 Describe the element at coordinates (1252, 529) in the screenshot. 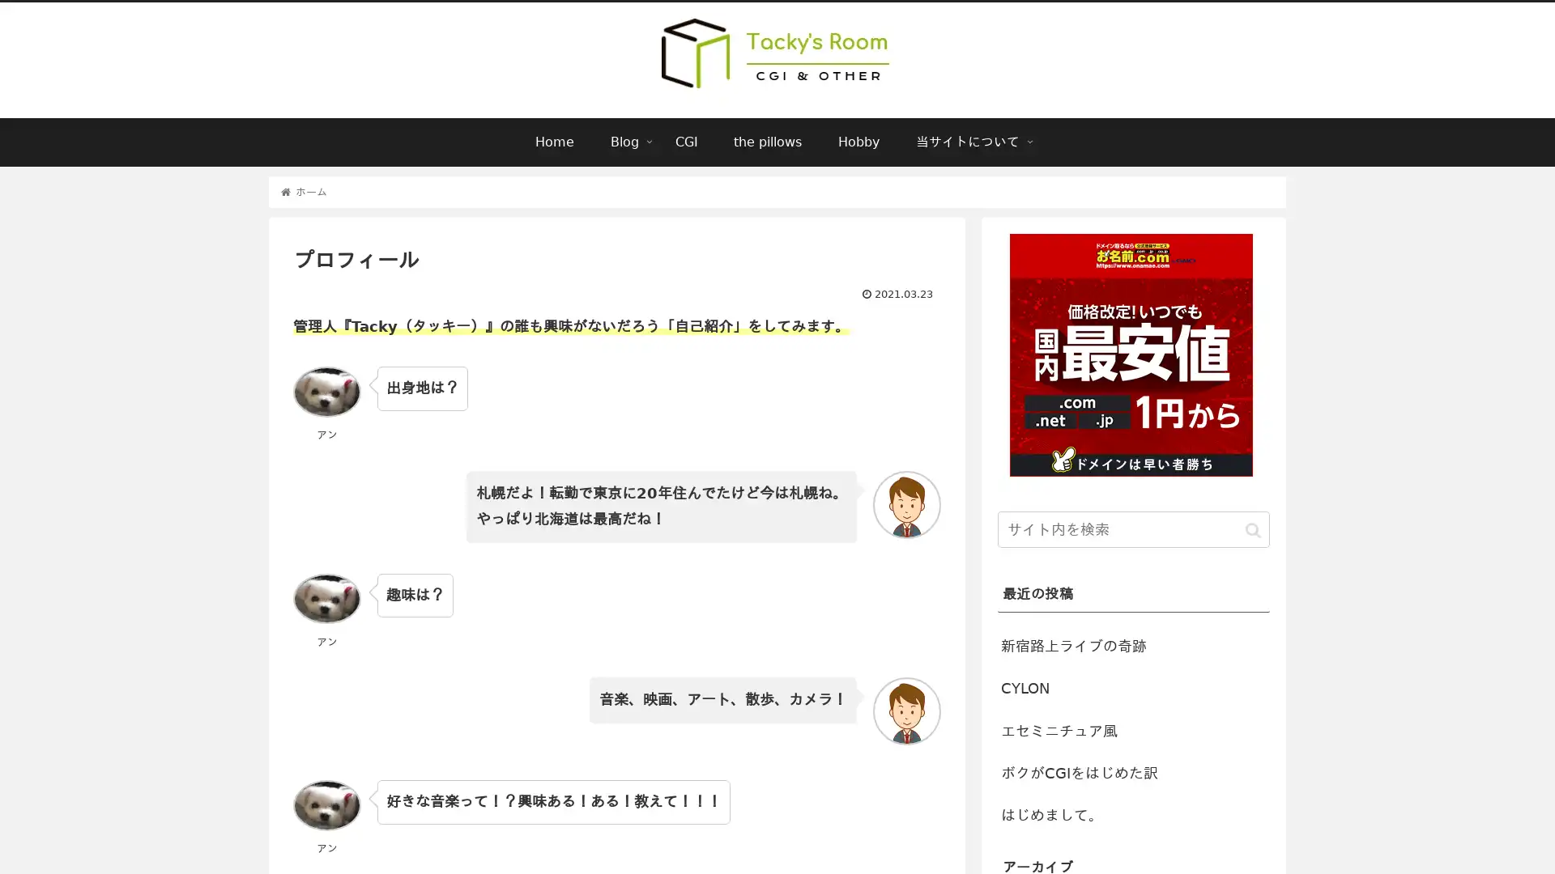

I see `button` at that location.